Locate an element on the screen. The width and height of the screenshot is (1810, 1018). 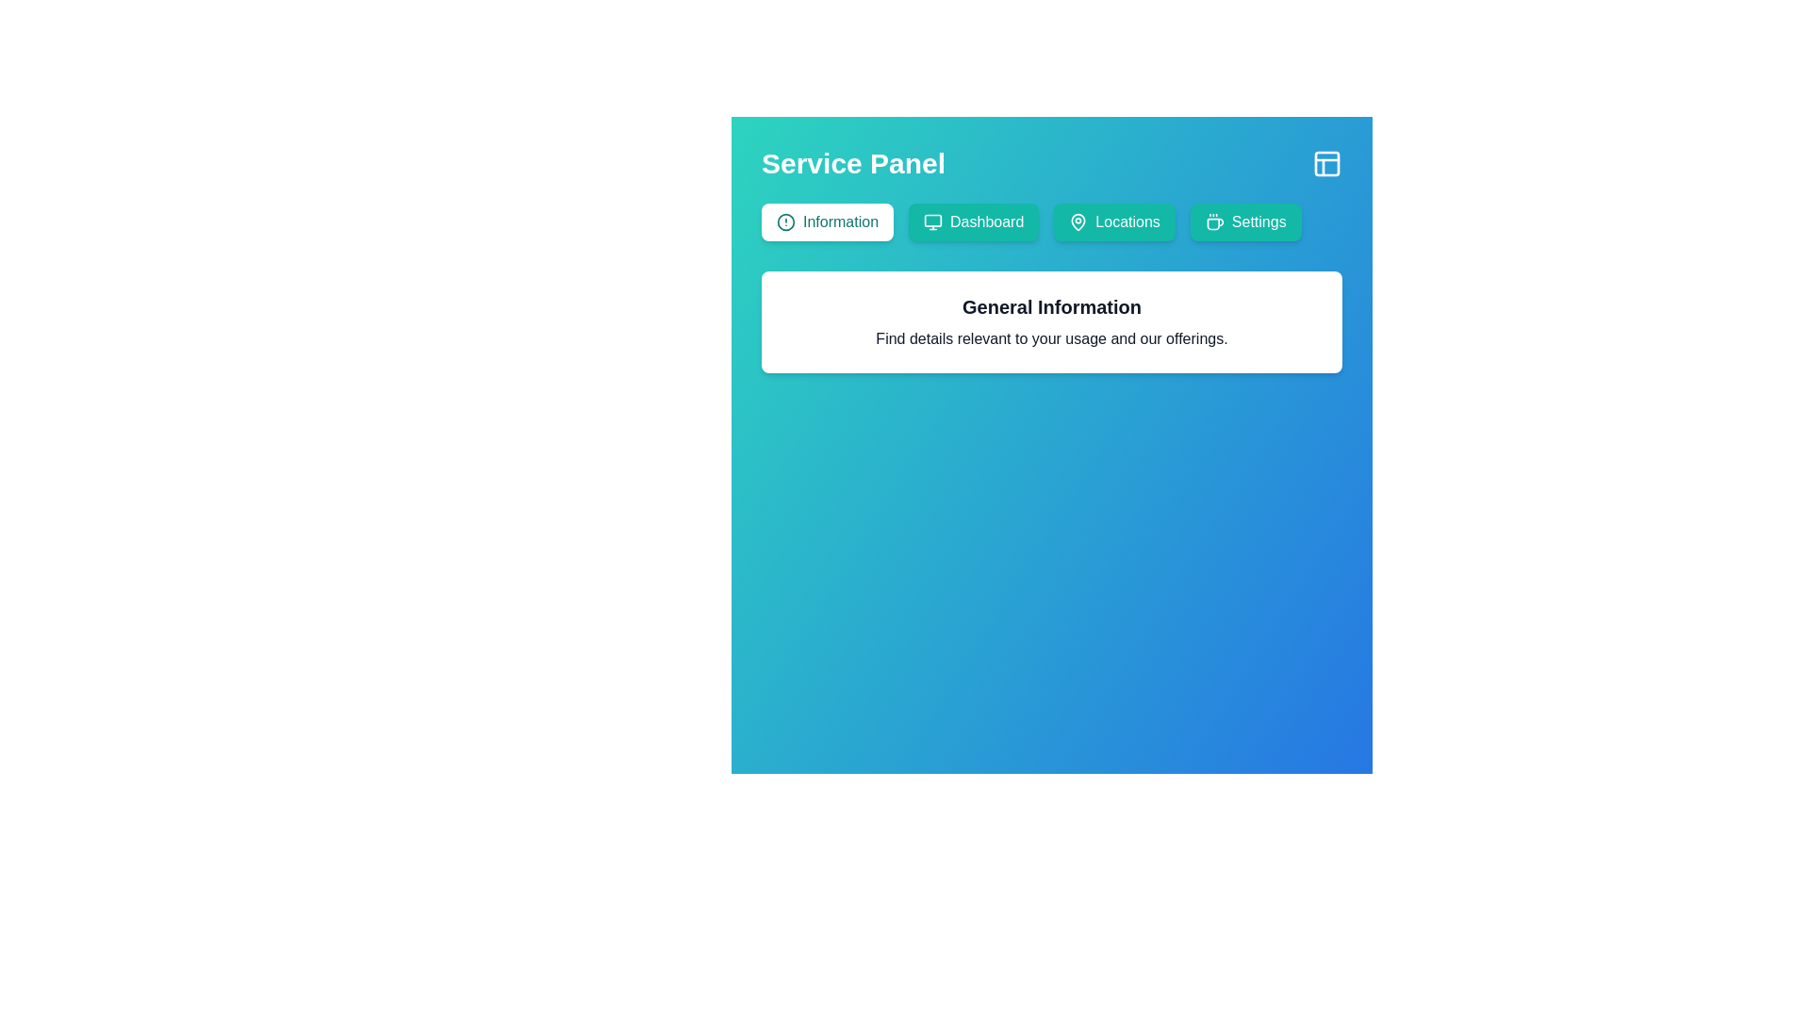
the 'Information' icon (SVG graphic) located at the top left of the button labeled 'Information' for informational purposes is located at coordinates (786, 221).